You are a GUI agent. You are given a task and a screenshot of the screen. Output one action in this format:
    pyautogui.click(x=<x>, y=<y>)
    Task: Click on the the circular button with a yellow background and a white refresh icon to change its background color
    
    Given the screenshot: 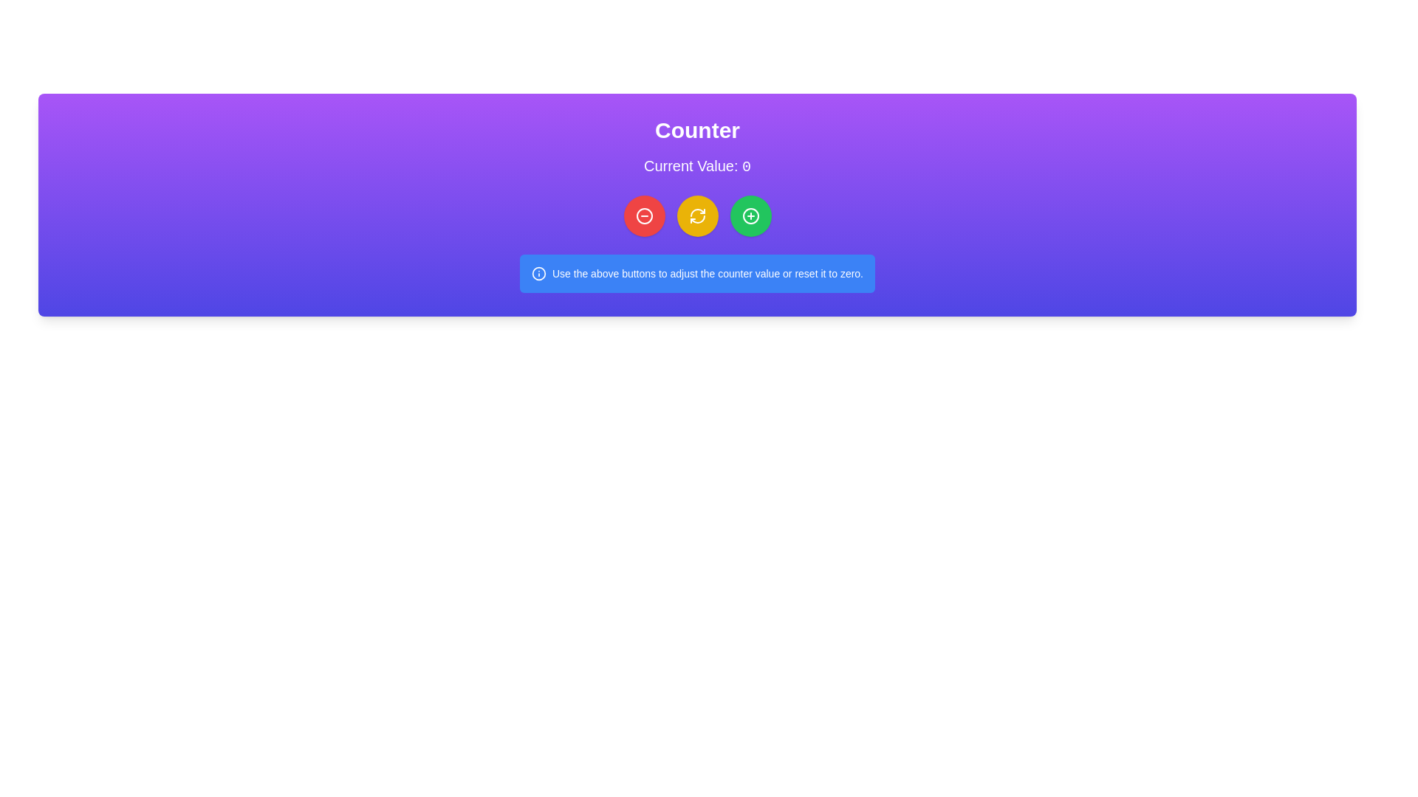 What is the action you would take?
    pyautogui.click(x=696, y=216)
    